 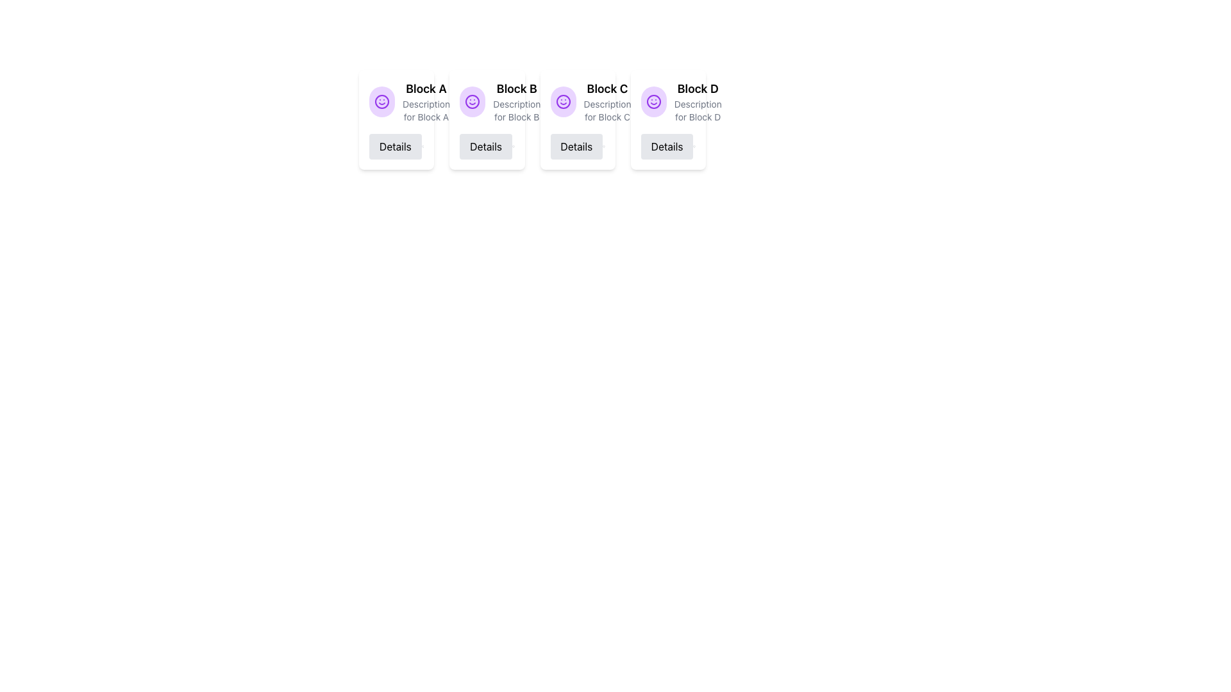 What do you see at coordinates (697, 110) in the screenshot?
I see `the text element displaying 'Description for Block D', located in the fourth card labeled 'Block D', positioned beneath the title and above the 'Details' button` at bounding box center [697, 110].